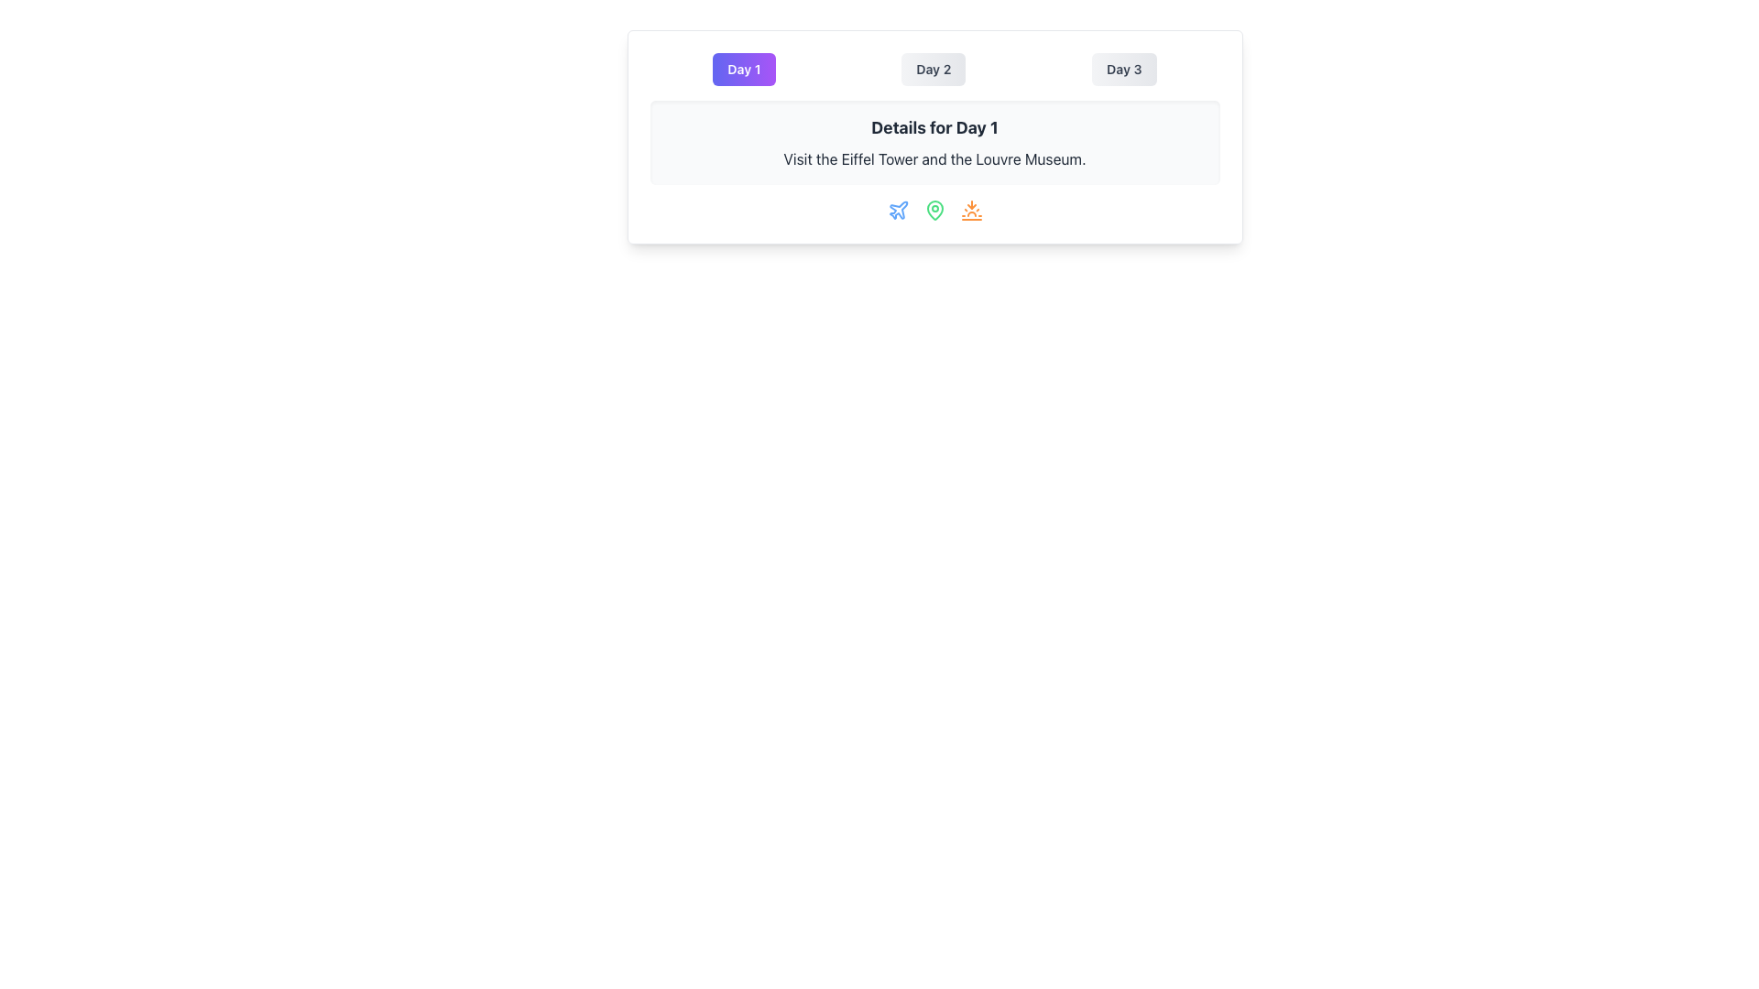 Image resolution: width=1759 pixels, height=989 pixels. What do you see at coordinates (744, 69) in the screenshot?
I see `the leftmost button in the navigation system` at bounding box center [744, 69].